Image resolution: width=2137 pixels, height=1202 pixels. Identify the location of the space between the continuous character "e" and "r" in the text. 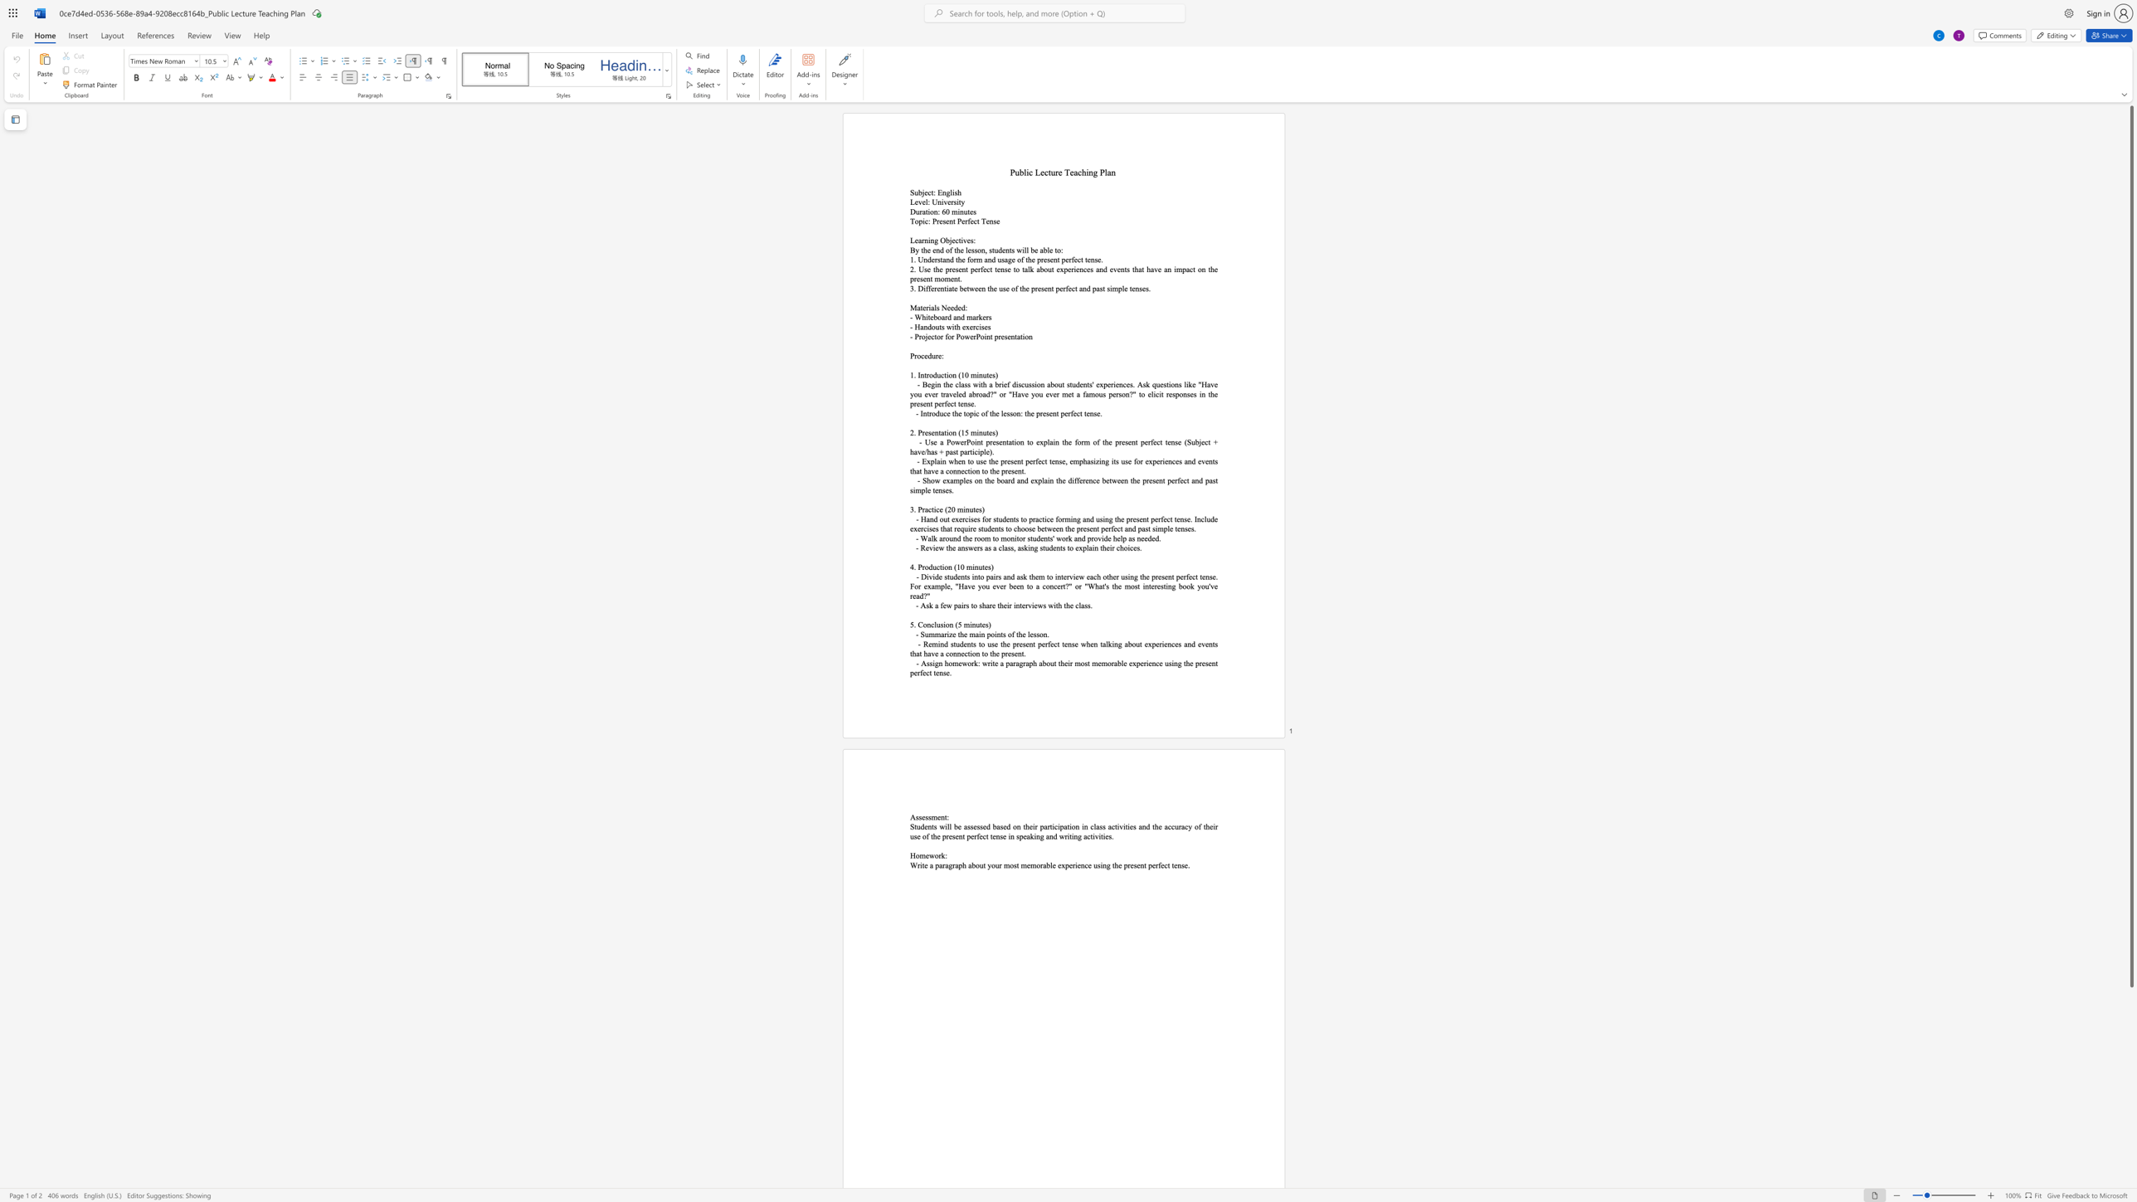
(925, 307).